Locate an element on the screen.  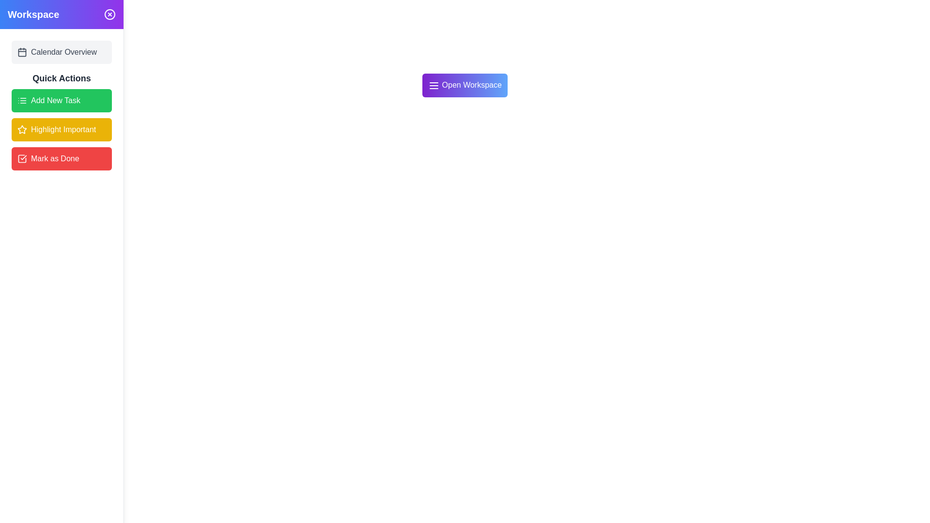
the topmost button in the 'Quick Actions' section is located at coordinates (61, 101).